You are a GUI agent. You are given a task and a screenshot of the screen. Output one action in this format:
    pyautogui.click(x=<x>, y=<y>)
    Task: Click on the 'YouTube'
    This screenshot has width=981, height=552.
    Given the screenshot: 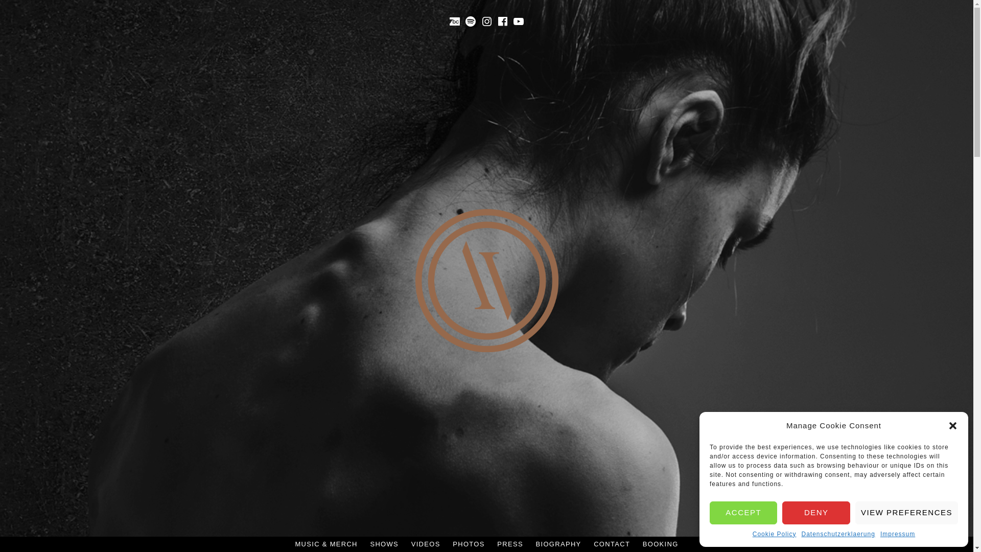 What is the action you would take?
    pyautogui.click(x=518, y=21)
    